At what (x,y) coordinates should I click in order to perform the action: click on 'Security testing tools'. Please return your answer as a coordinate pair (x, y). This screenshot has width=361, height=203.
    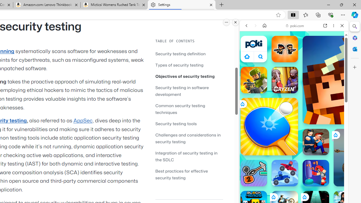
    Looking at the image, I should click on (176, 123).